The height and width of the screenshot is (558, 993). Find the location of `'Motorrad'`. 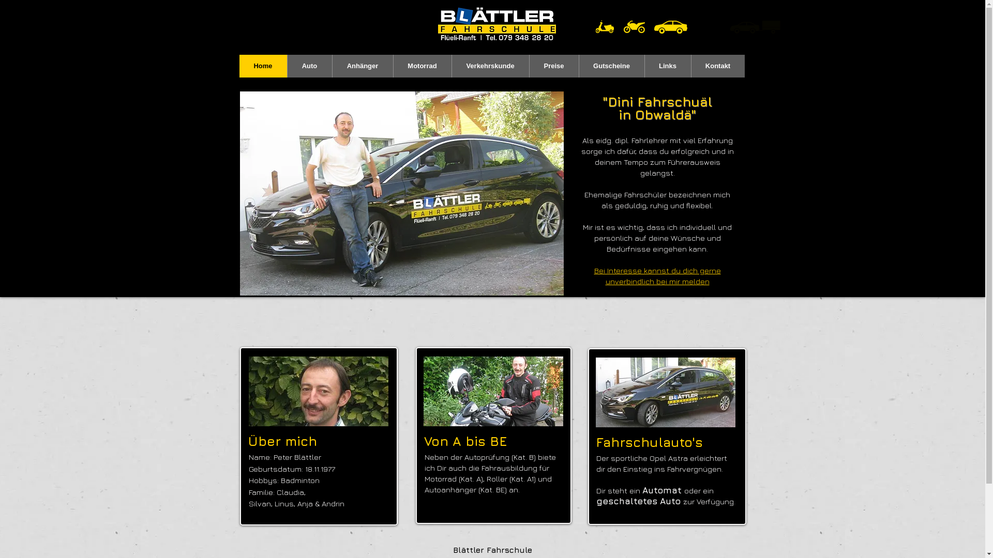

'Motorrad' is located at coordinates (422, 66).